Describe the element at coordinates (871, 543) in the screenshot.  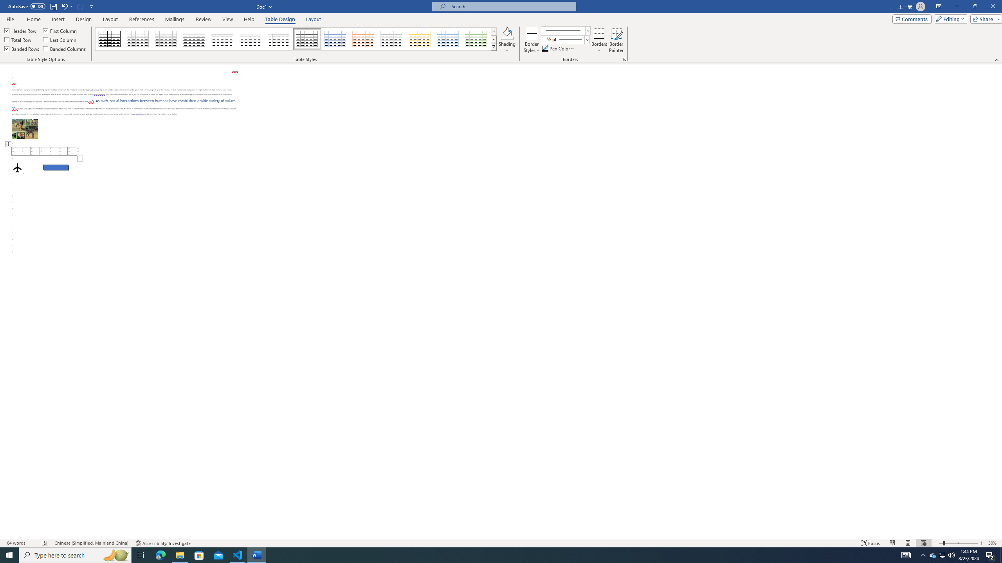
I see `'Focus '` at that location.